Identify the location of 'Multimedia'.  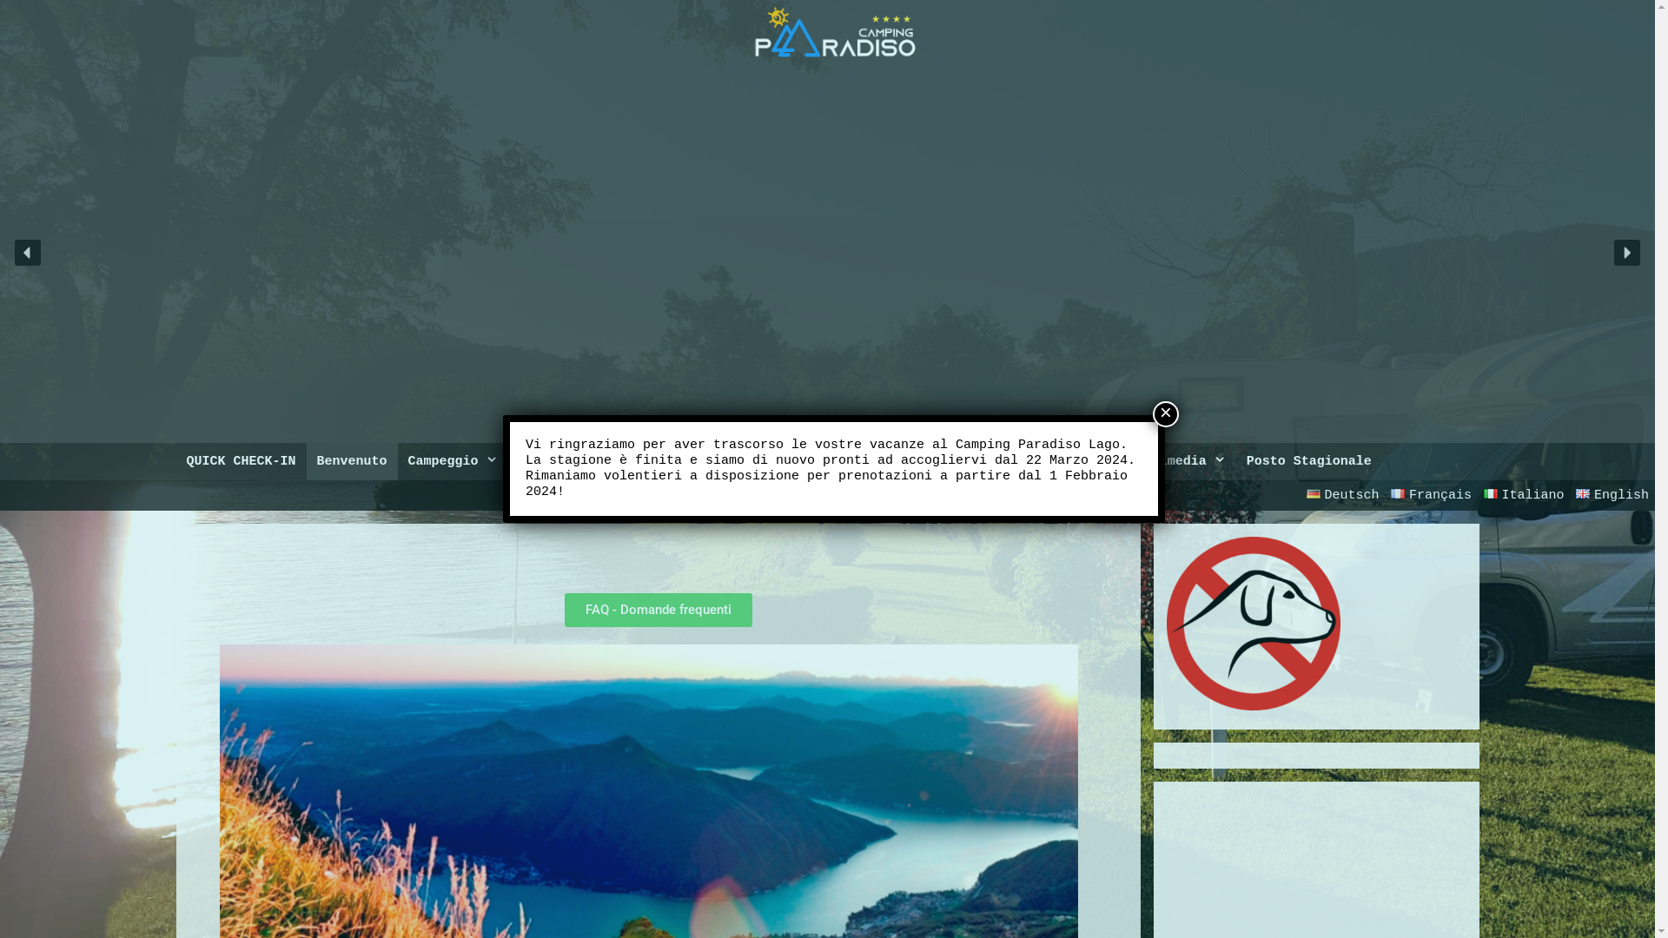
(1176, 460).